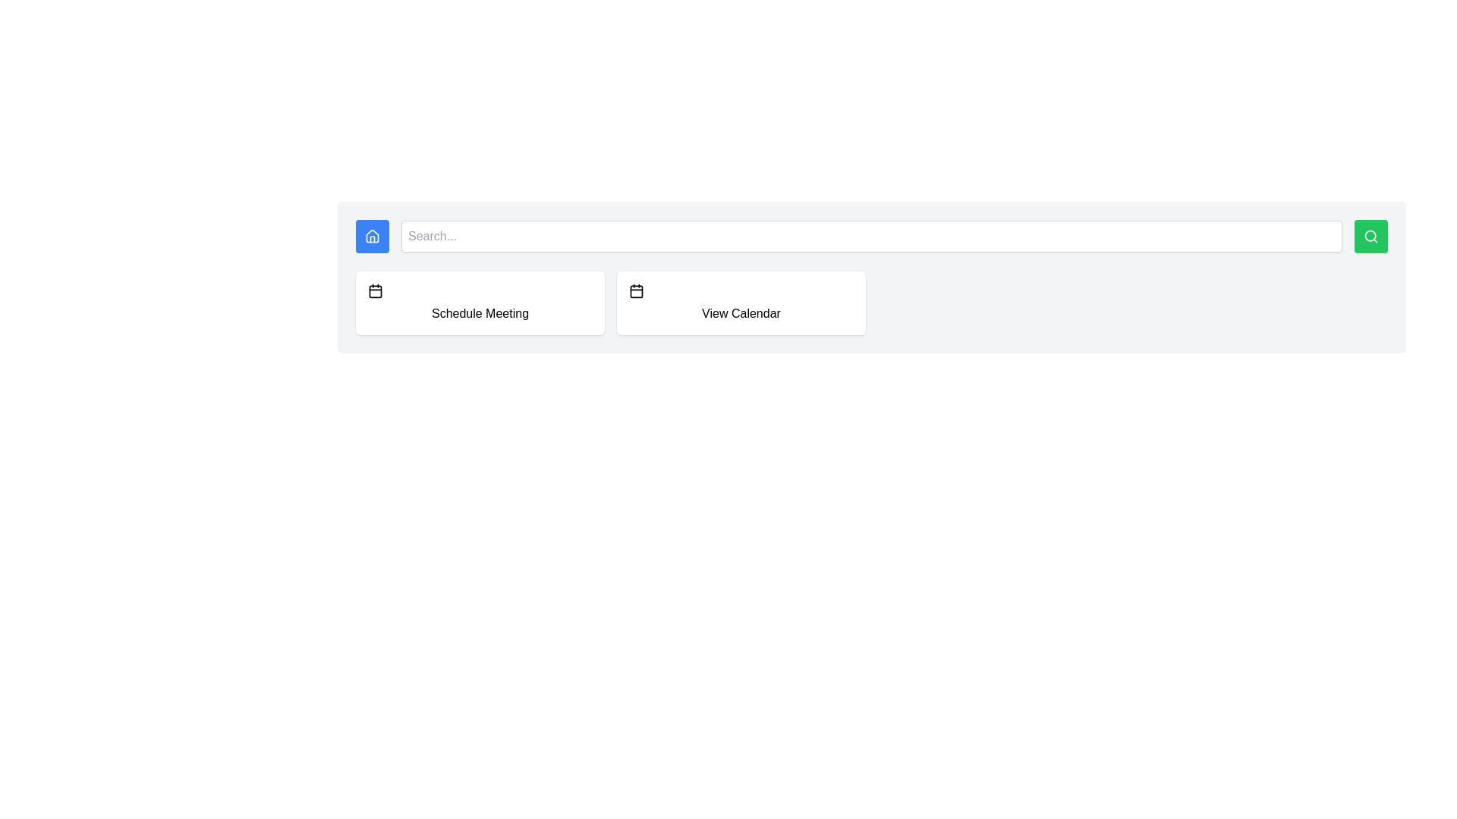 The height and width of the screenshot is (819, 1457). Describe the element at coordinates (375, 291) in the screenshot. I see `the rectangular graphical element that is part of the calendar icon, located to the right of the 'Schedule Meeting' button and adjacent to the 'View Calendar' label` at that location.